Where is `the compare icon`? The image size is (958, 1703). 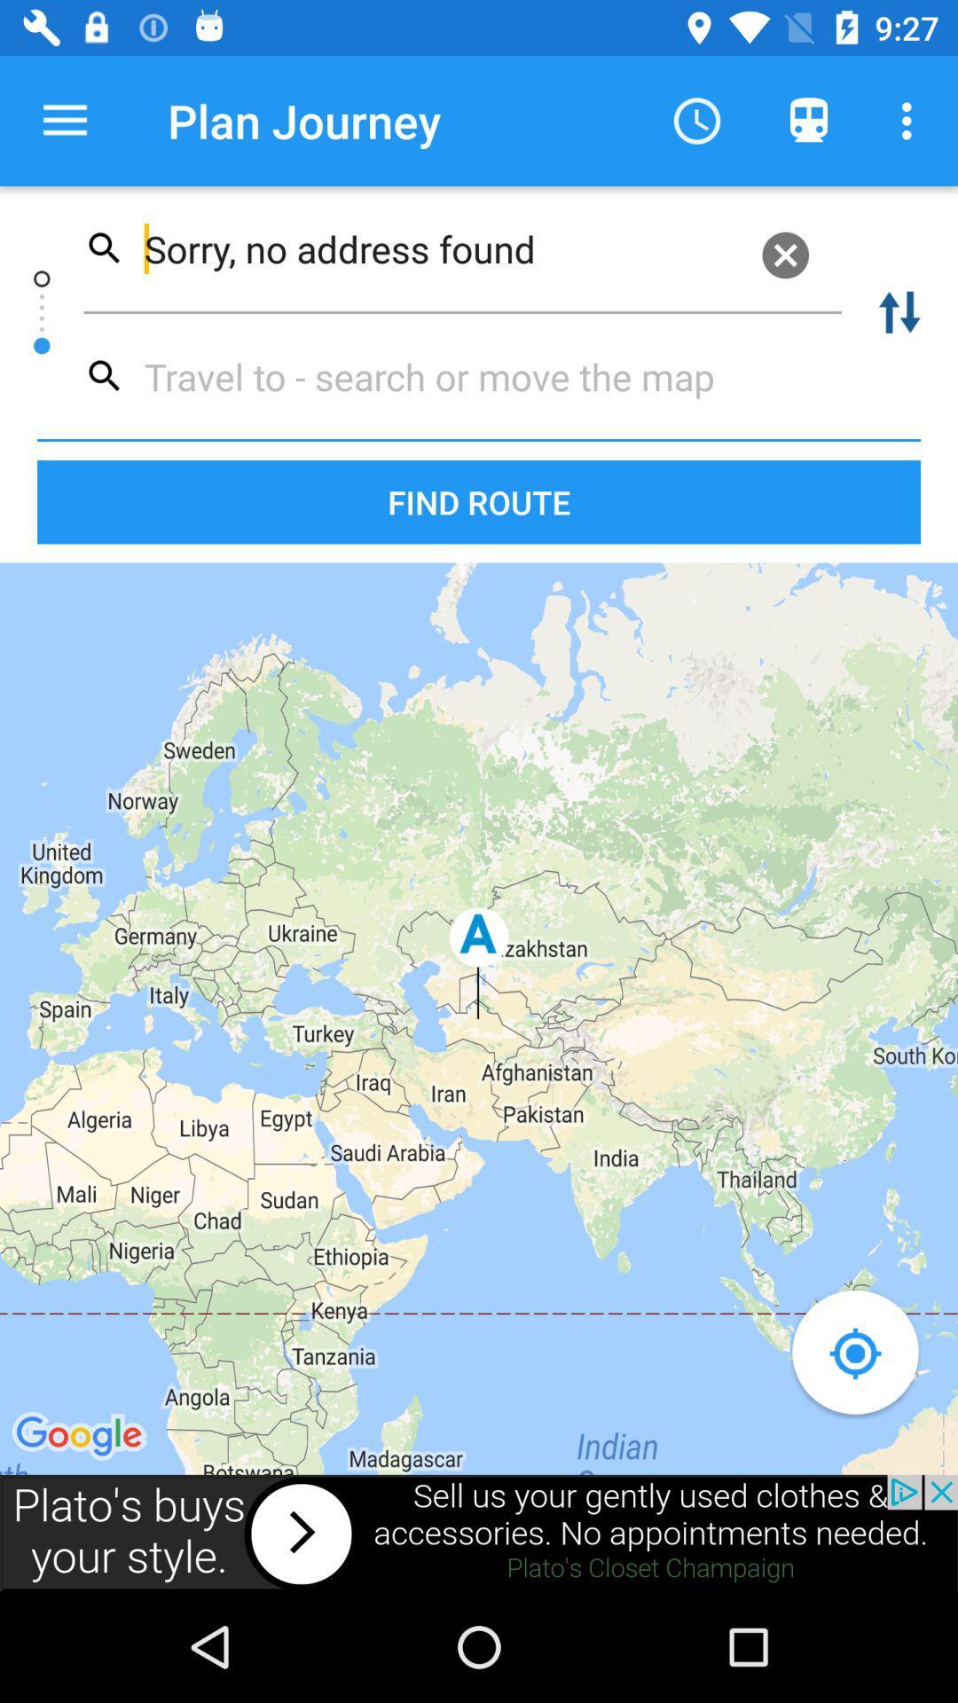
the compare icon is located at coordinates (899, 312).